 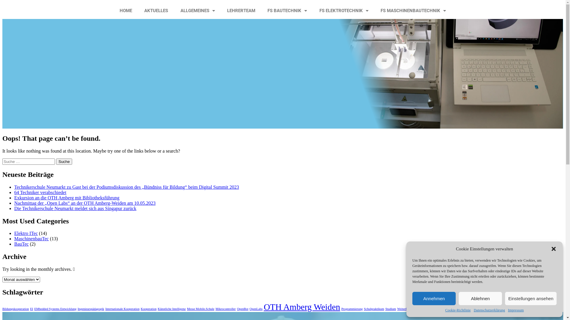 I want to click on 'EI', so click(x=31, y=308).